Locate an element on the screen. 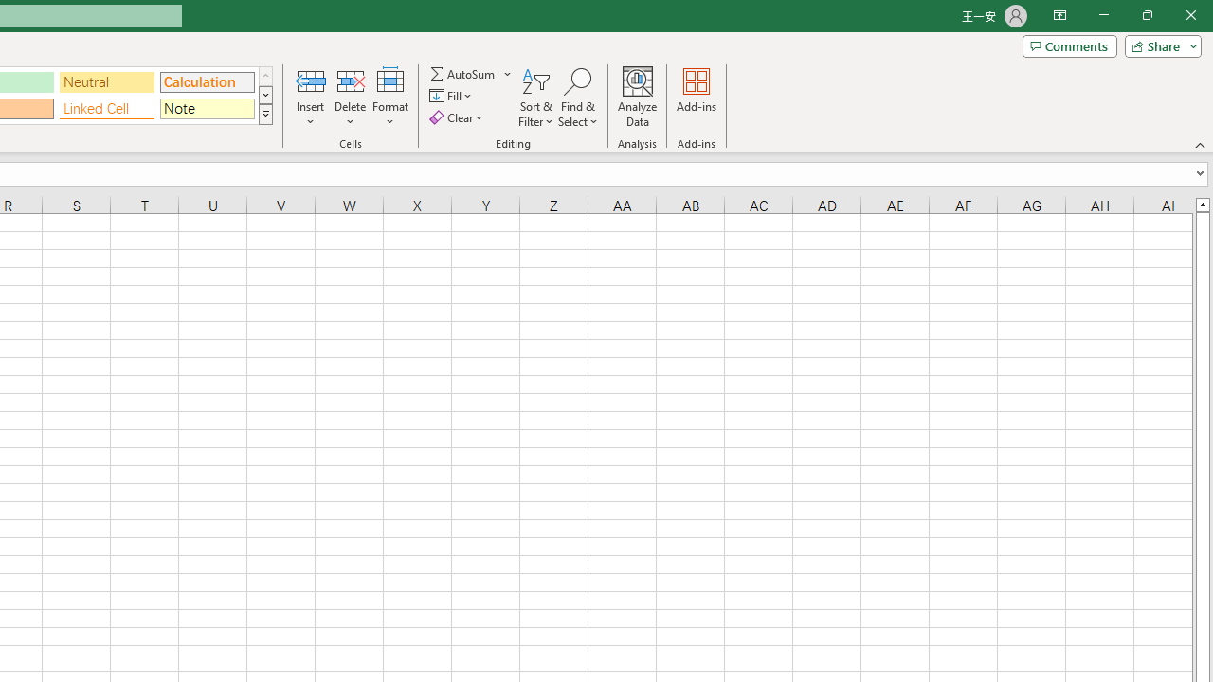 The height and width of the screenshot is (682, 1213). 'Class: NetUIImage' is located at coordinates (264, 114).